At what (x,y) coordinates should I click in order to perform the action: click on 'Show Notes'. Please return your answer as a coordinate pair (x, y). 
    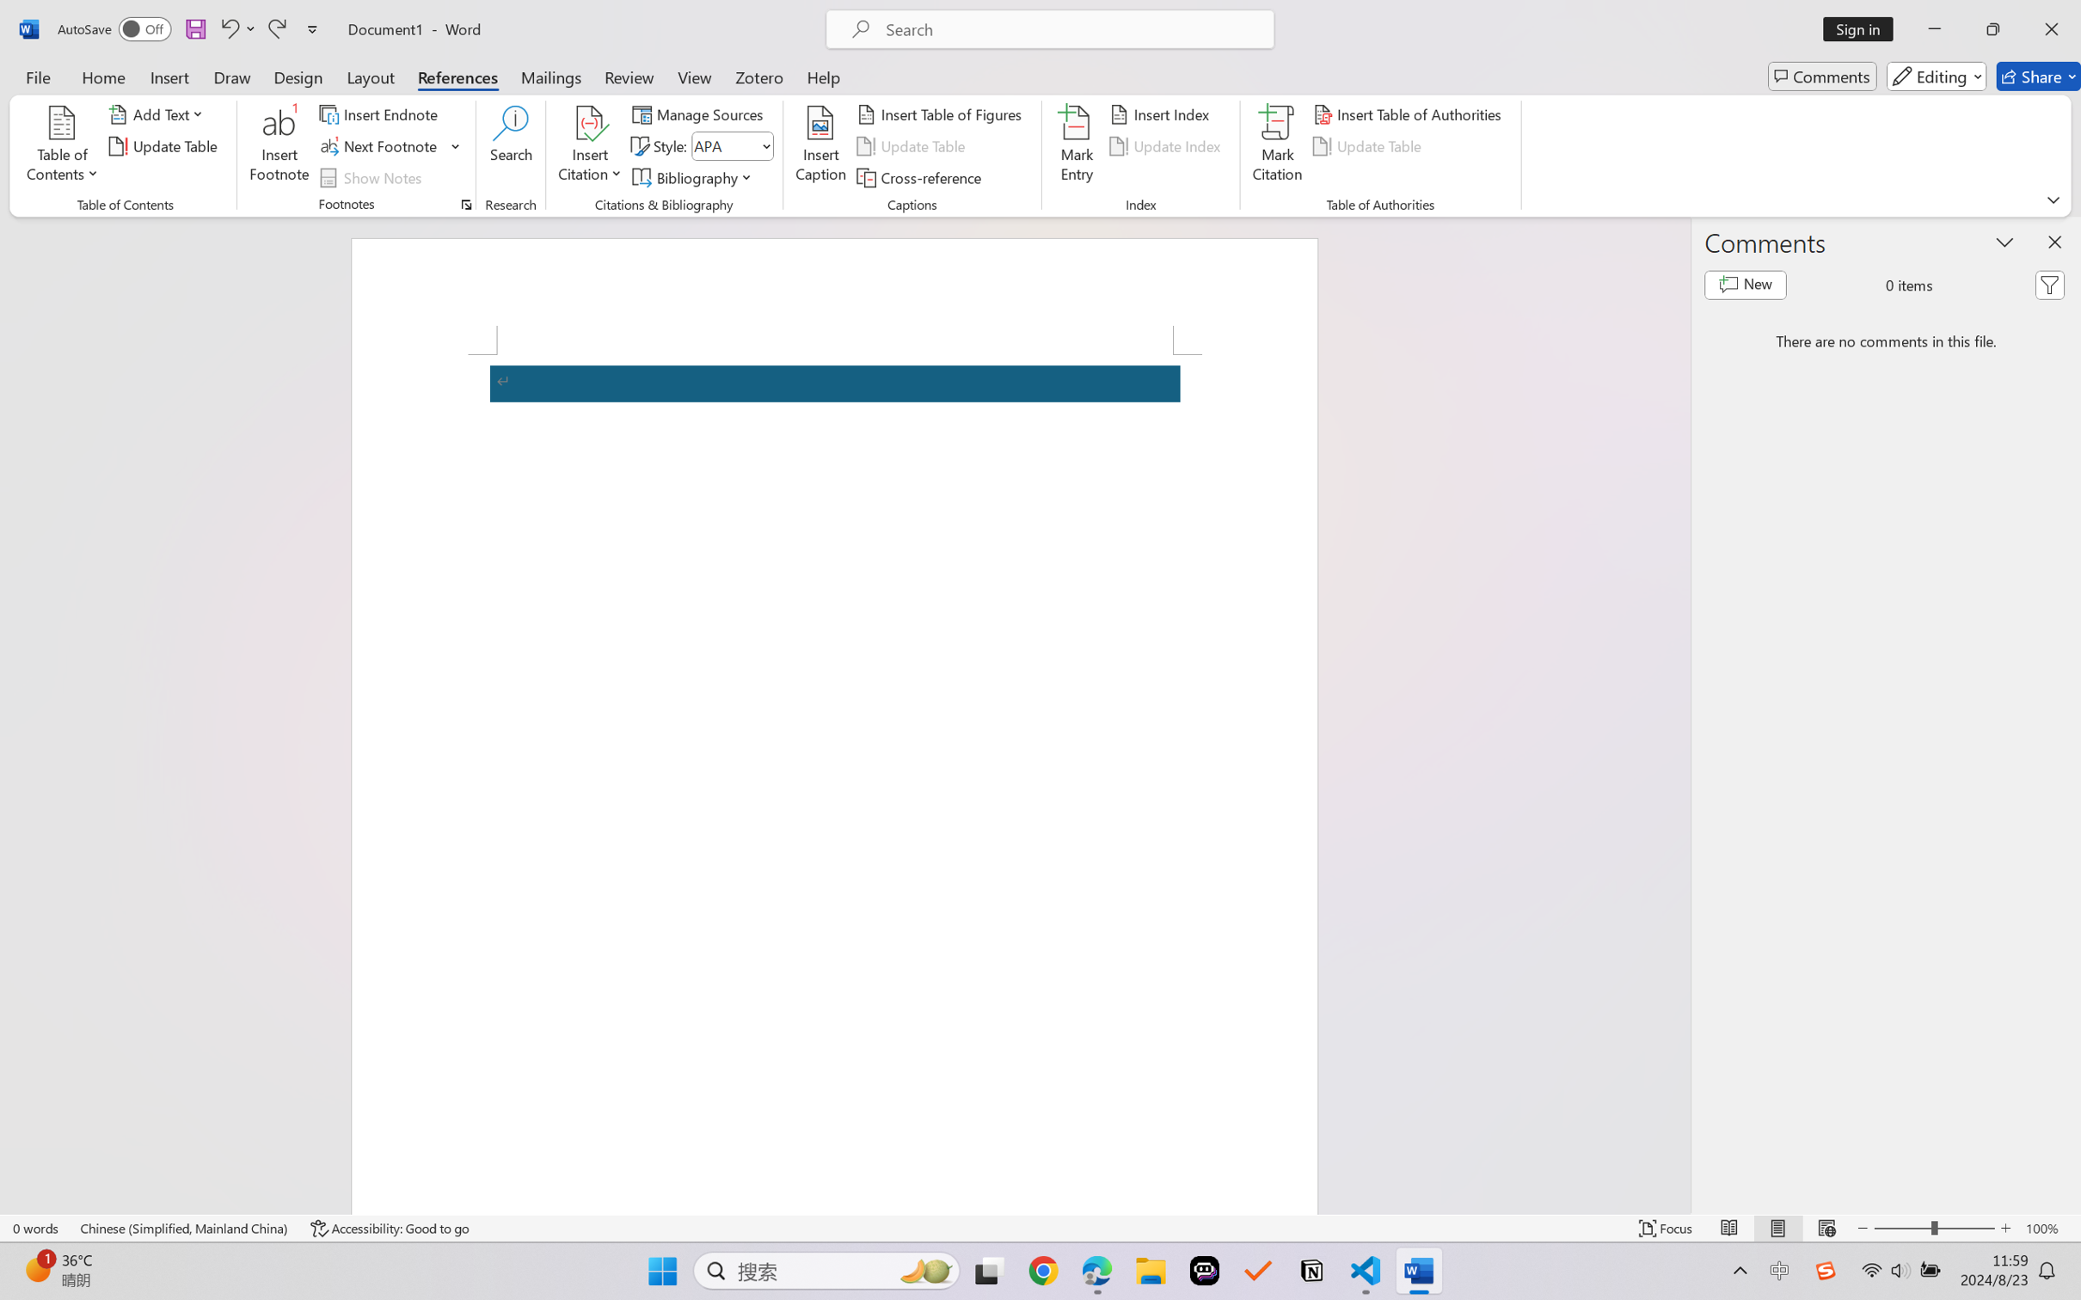
    Looking at the image, I should click on (373, 178).